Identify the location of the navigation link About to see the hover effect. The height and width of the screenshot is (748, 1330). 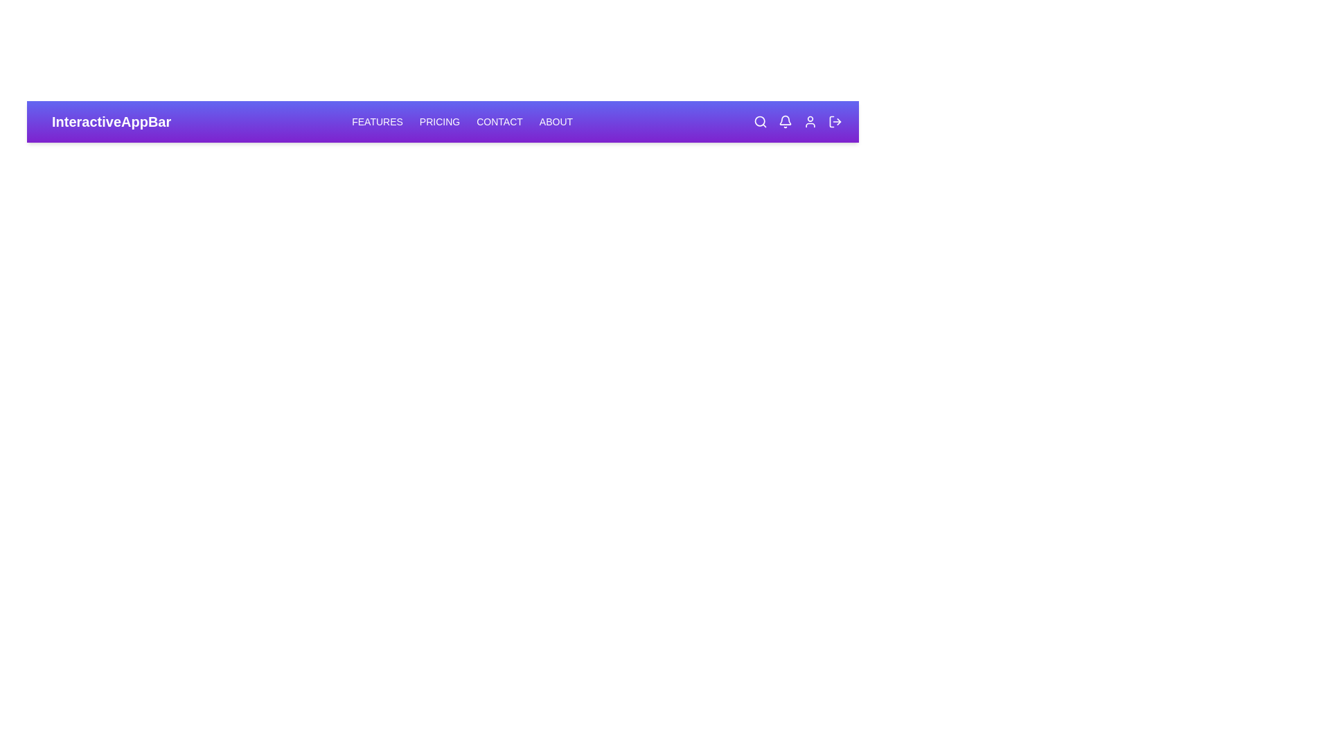
(555, 121).